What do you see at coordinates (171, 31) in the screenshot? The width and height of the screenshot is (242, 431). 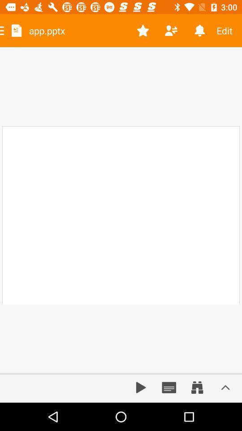 I see `connected people` at bounding box center [171, 31].